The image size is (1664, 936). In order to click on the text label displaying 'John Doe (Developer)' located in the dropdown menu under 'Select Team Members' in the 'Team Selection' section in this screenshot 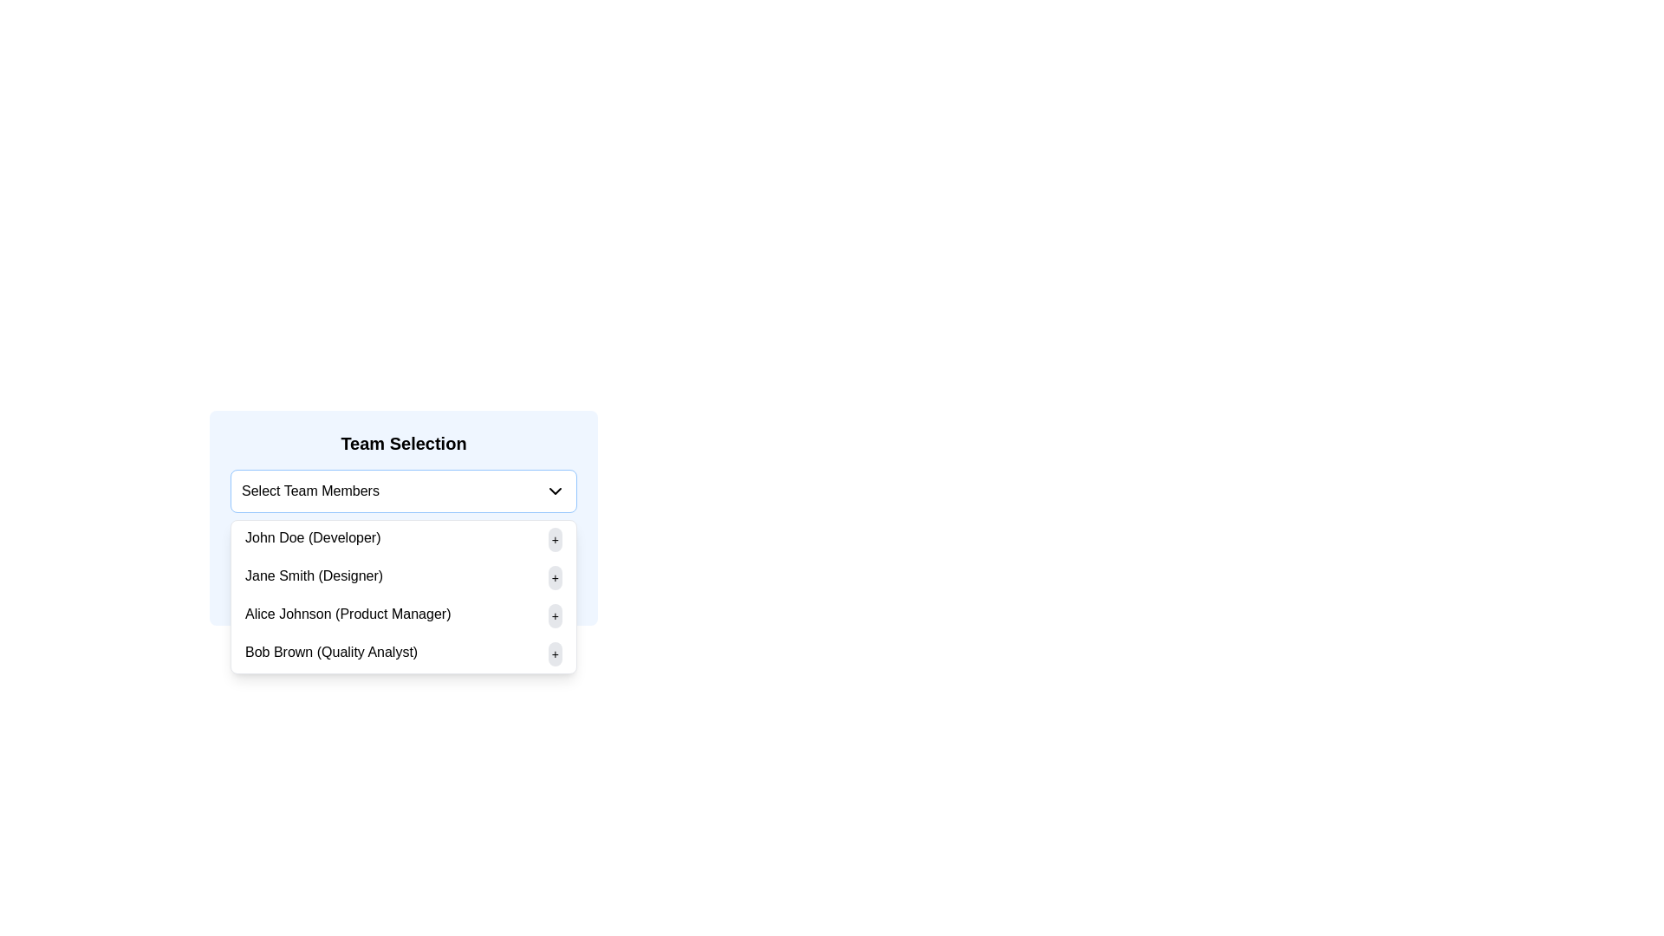, I will do `click(313, 539)`.